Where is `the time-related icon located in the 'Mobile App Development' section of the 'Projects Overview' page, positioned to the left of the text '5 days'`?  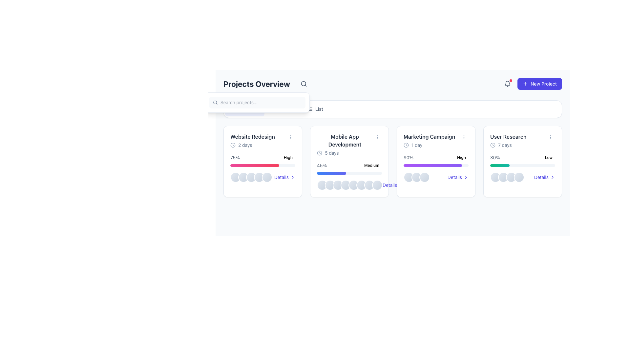 the time-related icon located in the 'Mobile App Development' section of the 'Projects Overview' page, positioned to the left of the text '5 days' is located at coordinates (320, 153).